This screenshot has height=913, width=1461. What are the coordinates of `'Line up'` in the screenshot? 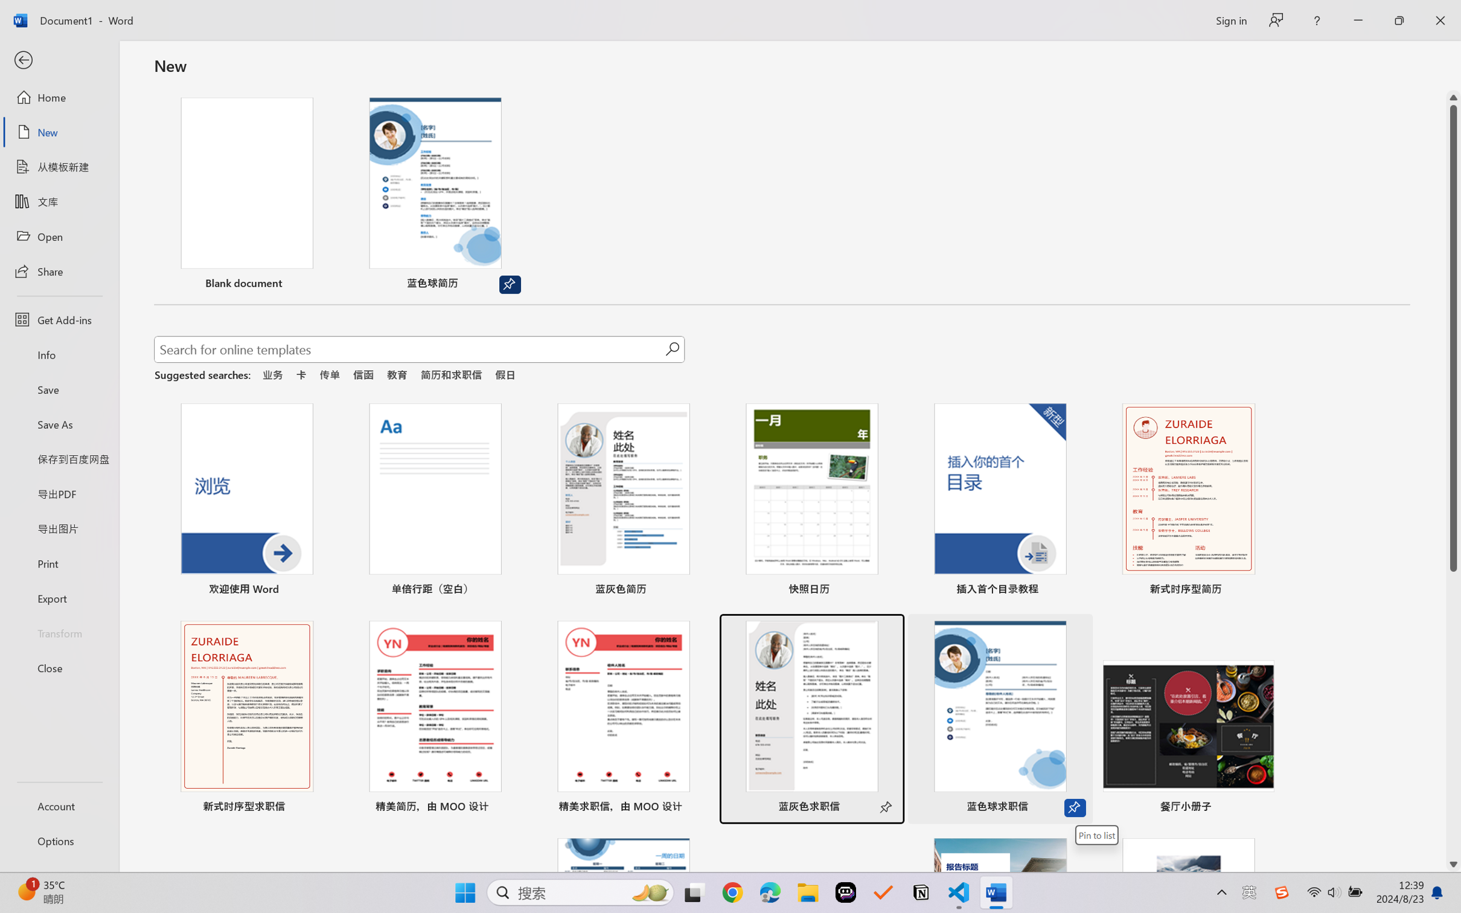 It's located at (1453, 97).